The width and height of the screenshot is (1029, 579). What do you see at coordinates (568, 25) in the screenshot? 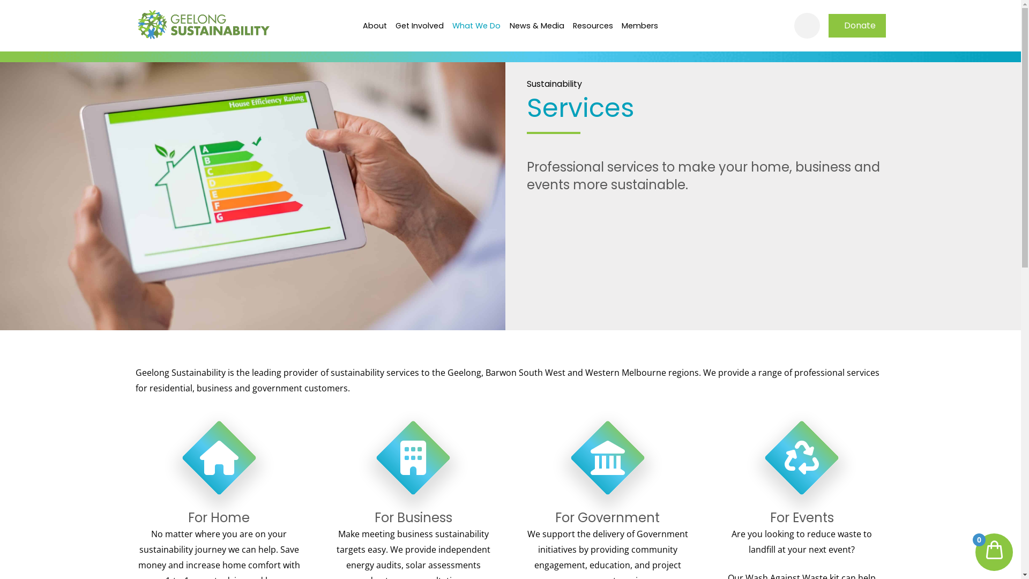
I see `'Resources'` at bounding box center [568, 25].